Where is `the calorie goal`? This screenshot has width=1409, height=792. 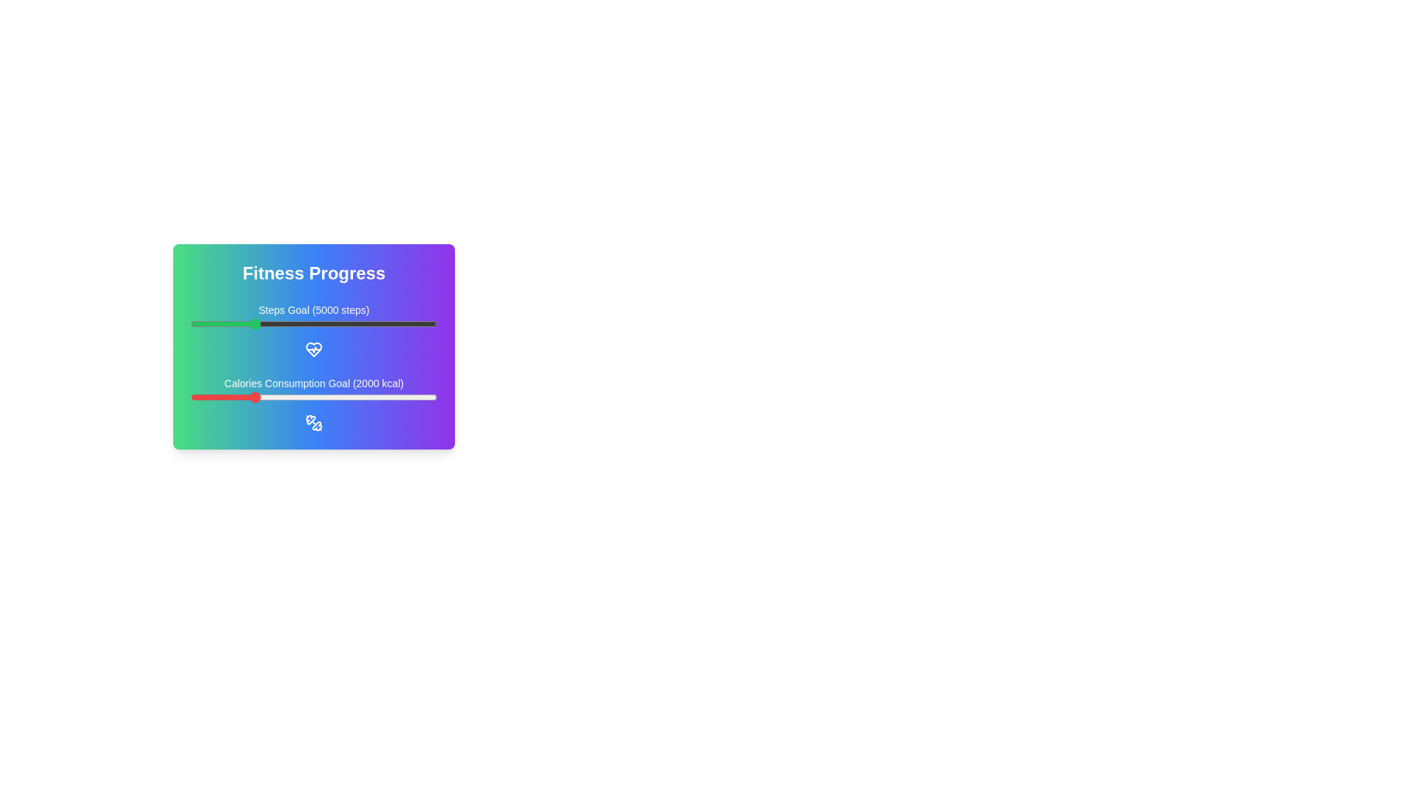 the calorie goal is located at coordinates (425, 397).